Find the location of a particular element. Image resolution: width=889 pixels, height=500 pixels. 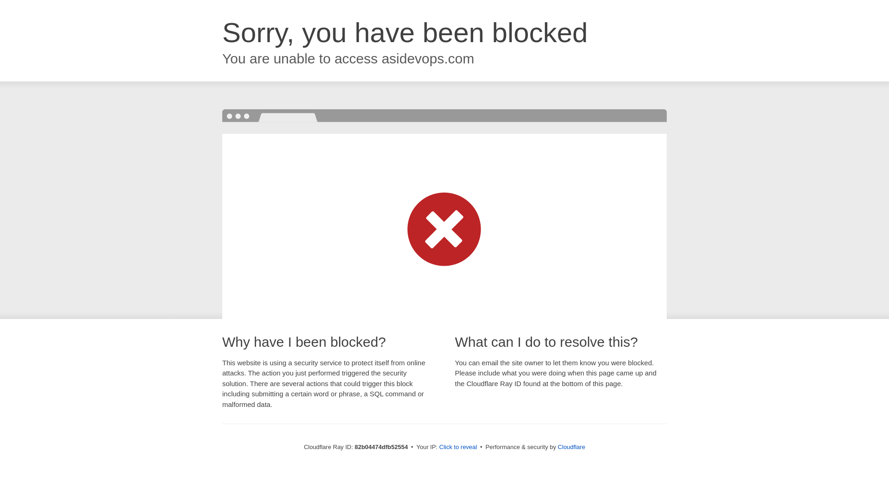

'Click to reveal' is located at coordinates (458, 446).